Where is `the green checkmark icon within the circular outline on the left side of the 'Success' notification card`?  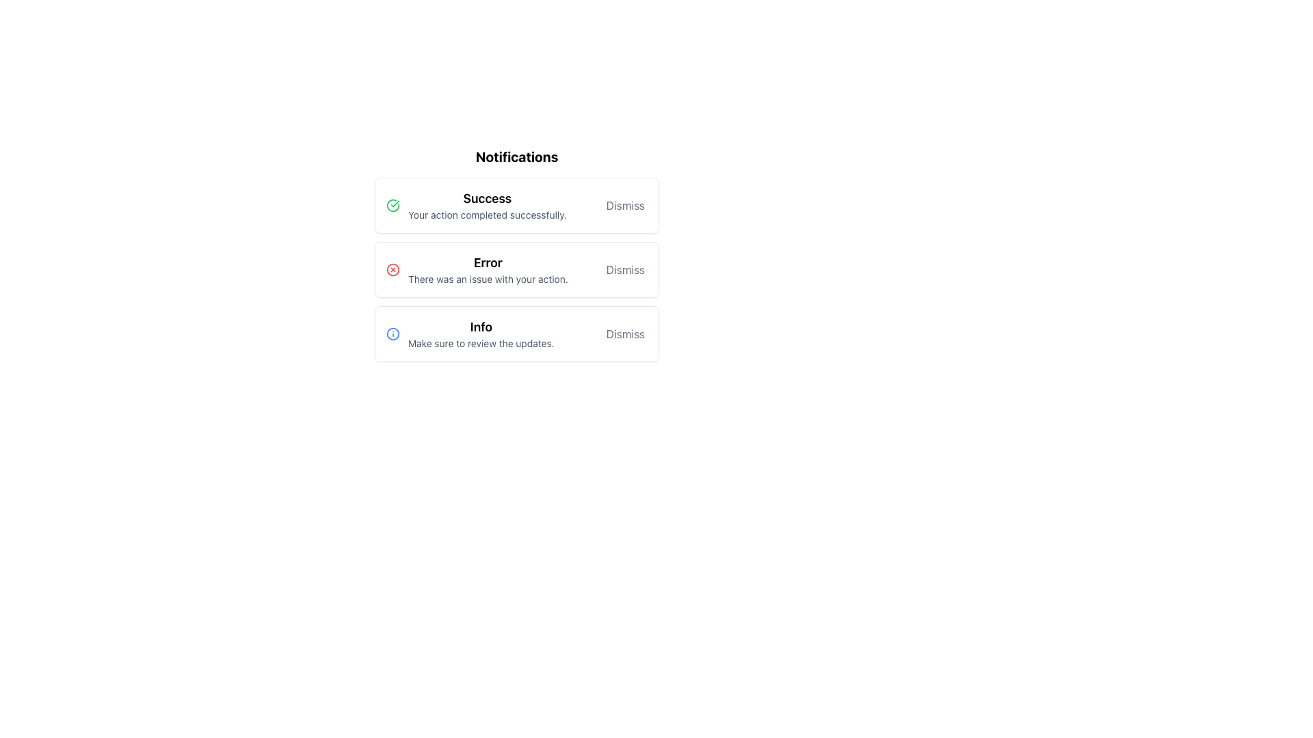
the green checkmark icon within the circular outline on the left side of the 'Success' notification card is located at coordinates (393, 205).